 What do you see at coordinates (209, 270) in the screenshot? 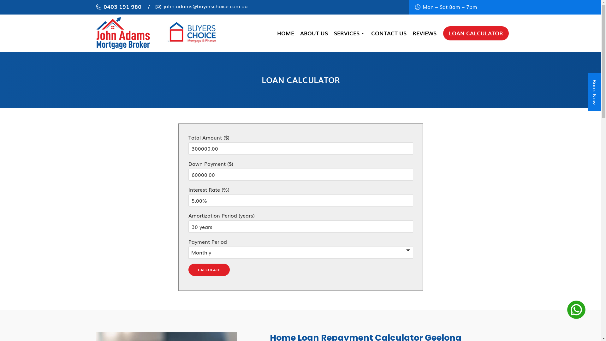
I see `'Calculate'` at bounding box center [209, 270].